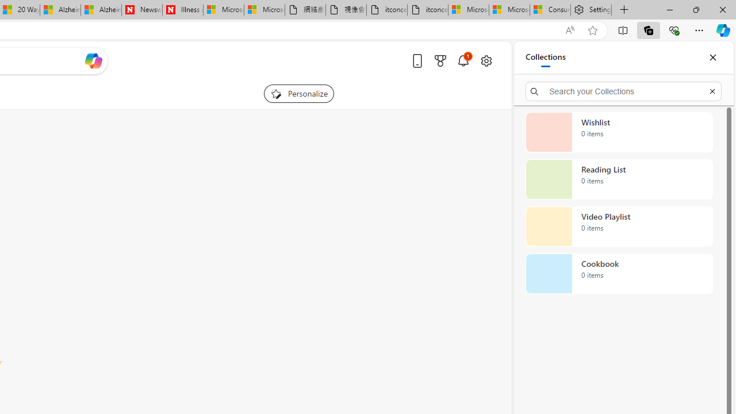  I want to click on 'Video Playlist collection, 0 items', so click(619, 227).